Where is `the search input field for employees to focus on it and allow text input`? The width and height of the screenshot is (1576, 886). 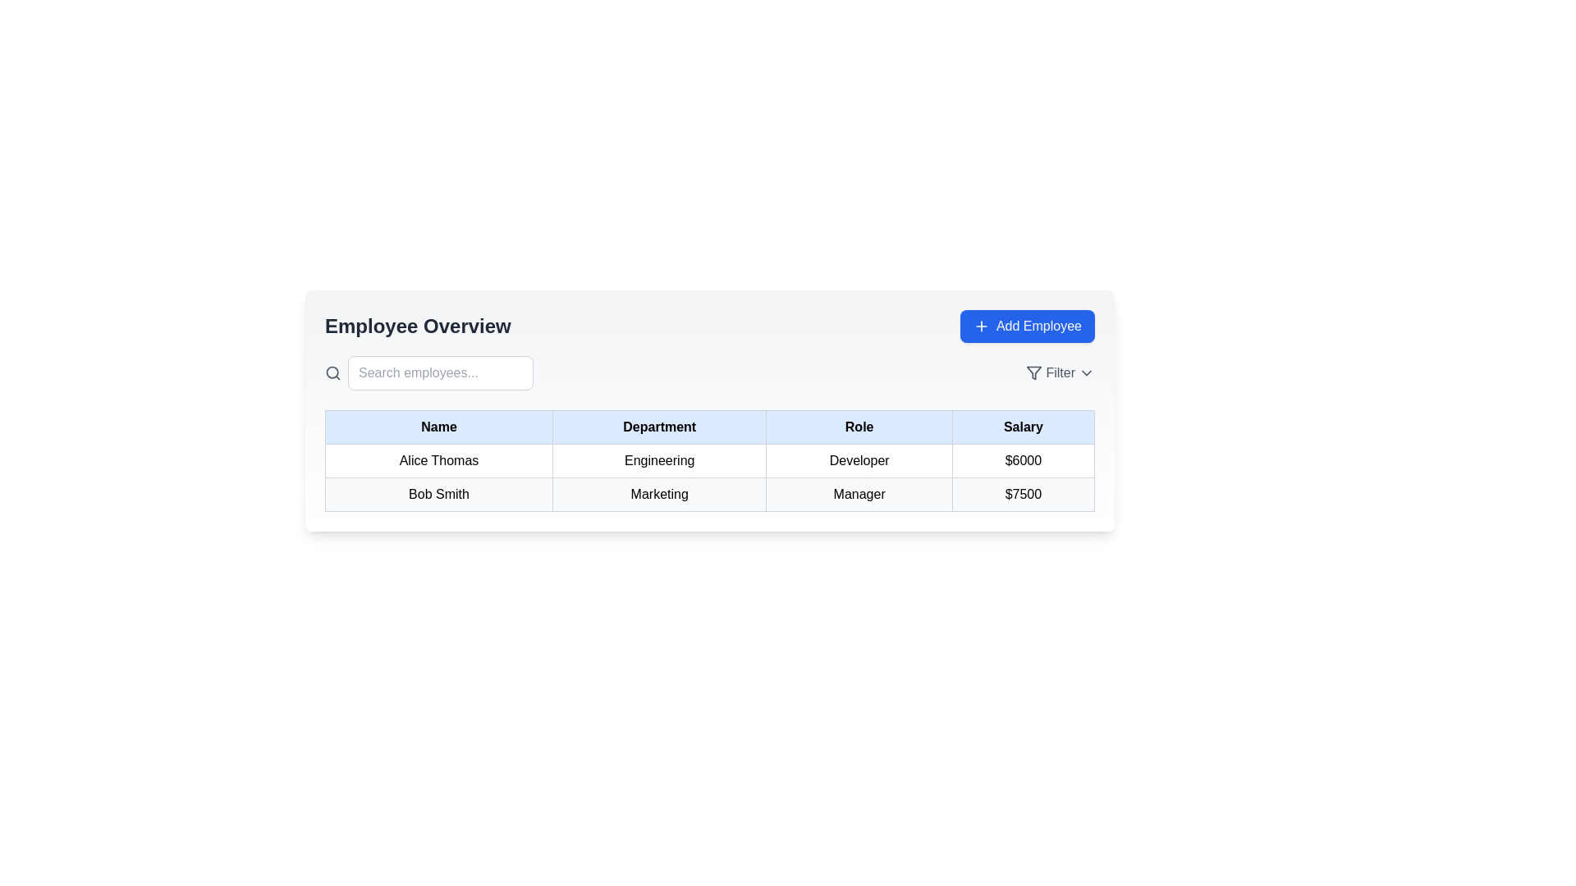
the search input field for employees to focus on it and allow text input is located at coordinates (441, 373).